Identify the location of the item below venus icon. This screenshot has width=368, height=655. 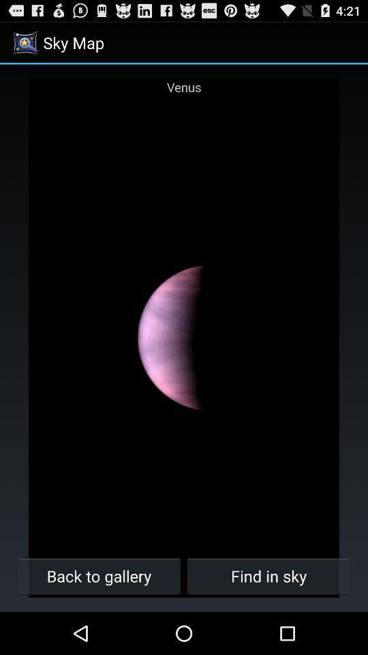
(98, 575).